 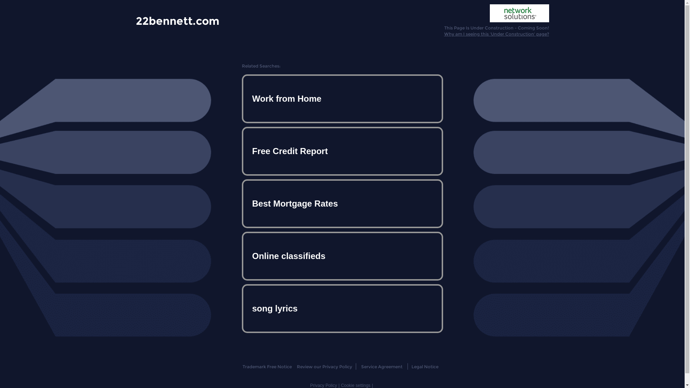 I want to click on 'Best Mortgage Rates', so click(x=341, y=204).